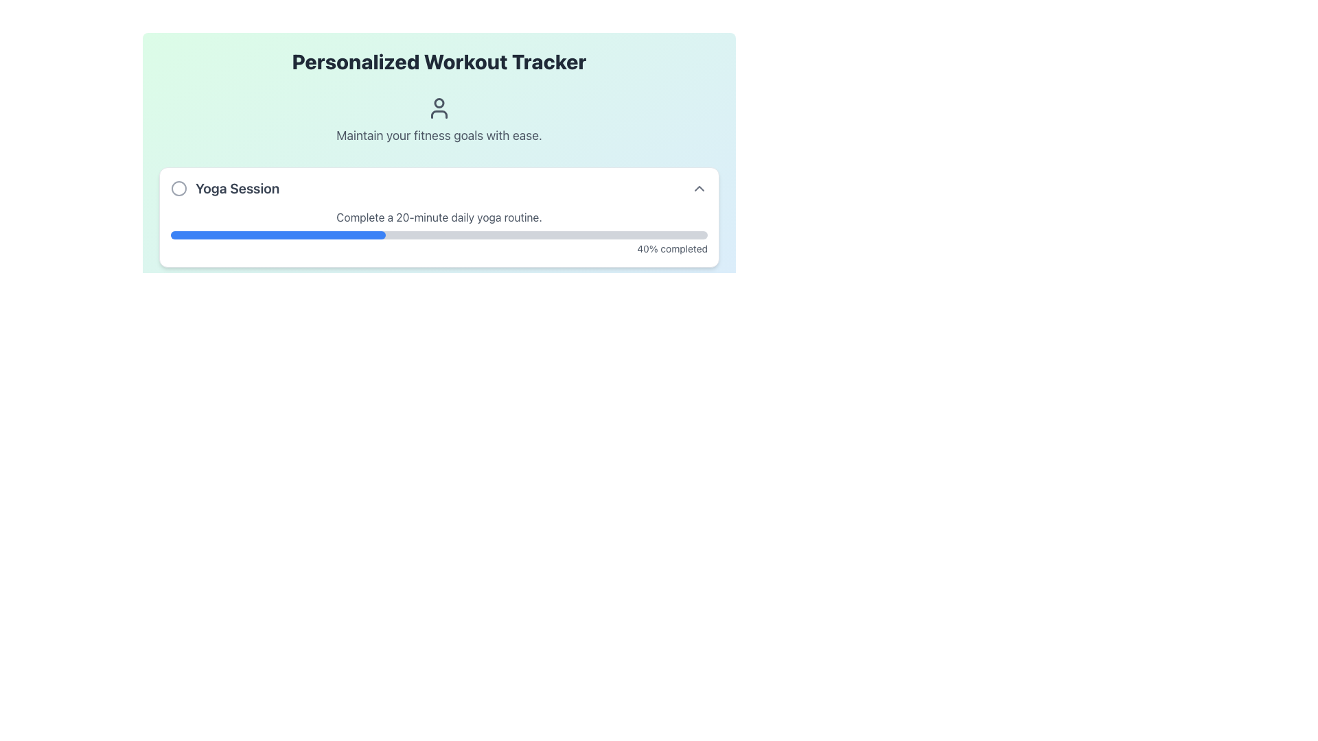 The width and height of the screenshot is (1318, 741). I want to click on the Chevron Up icon located at the far right of the 'Yoga Session' layout, so click(699, 188).